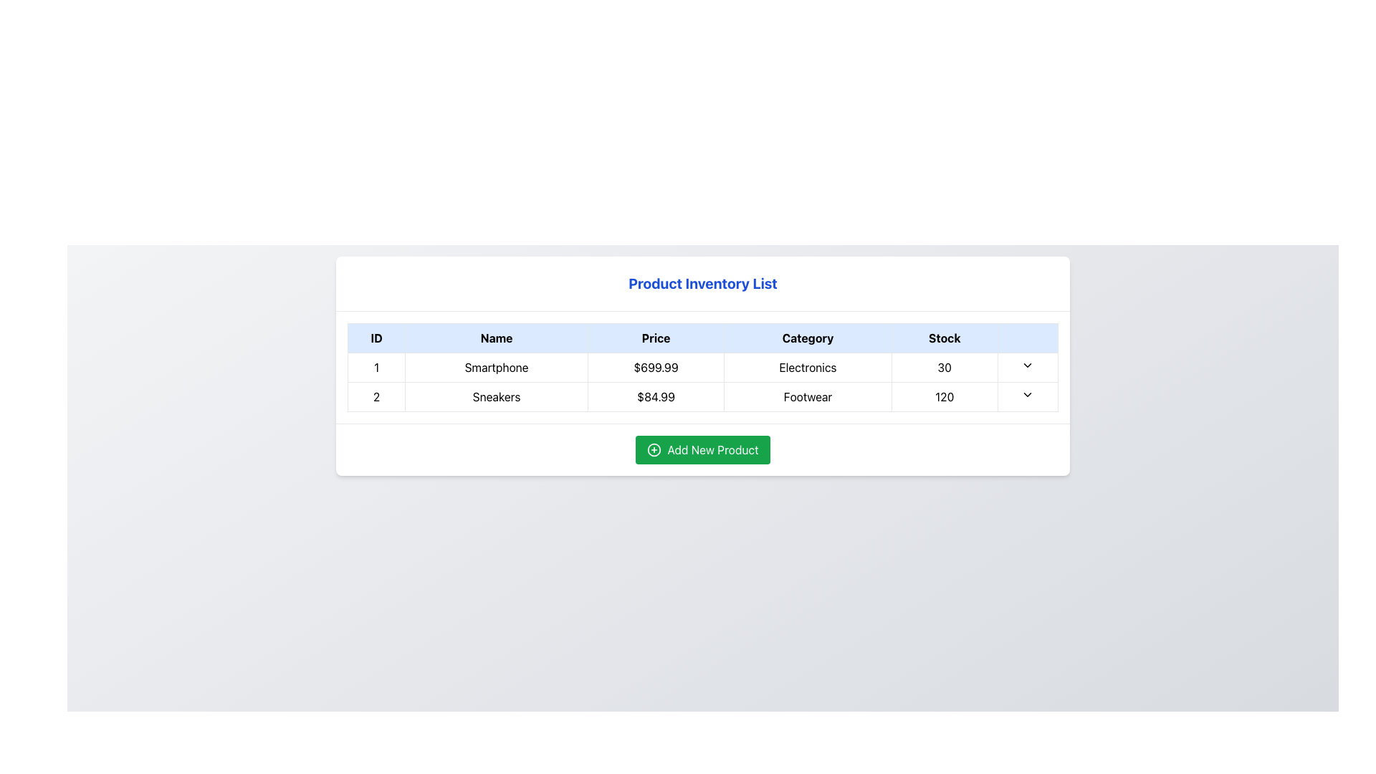  I want to click on the dropdown icon represented by a downward-pointing arrow located in the 'Stock' column of the first row of the table, so click(1027, 364).